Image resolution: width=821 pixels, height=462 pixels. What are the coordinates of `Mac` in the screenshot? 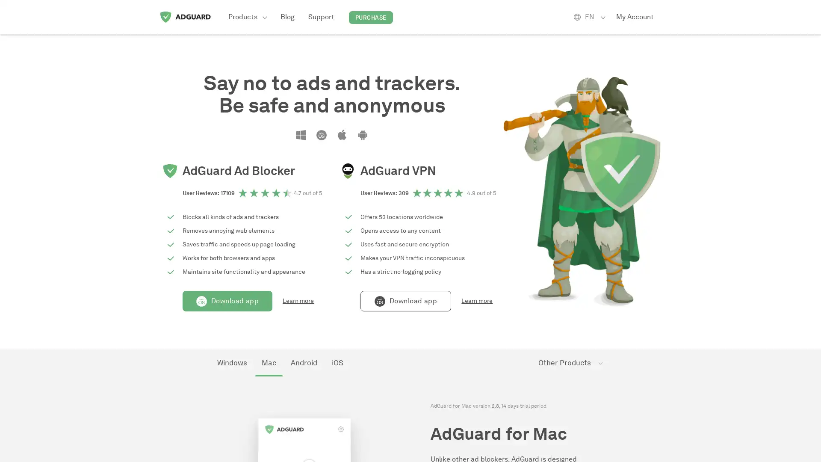 It's located at (268, 363).